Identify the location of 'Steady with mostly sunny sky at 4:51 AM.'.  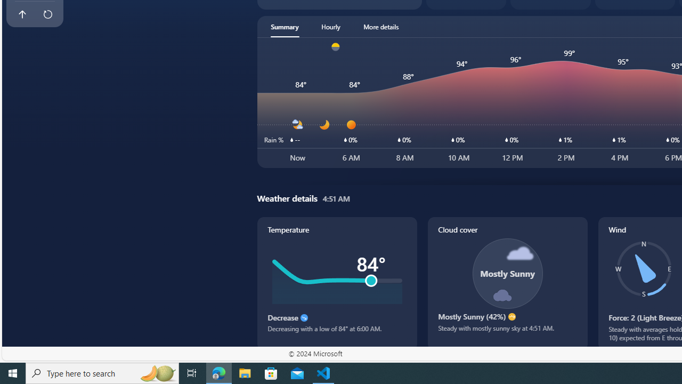
(507, 332).